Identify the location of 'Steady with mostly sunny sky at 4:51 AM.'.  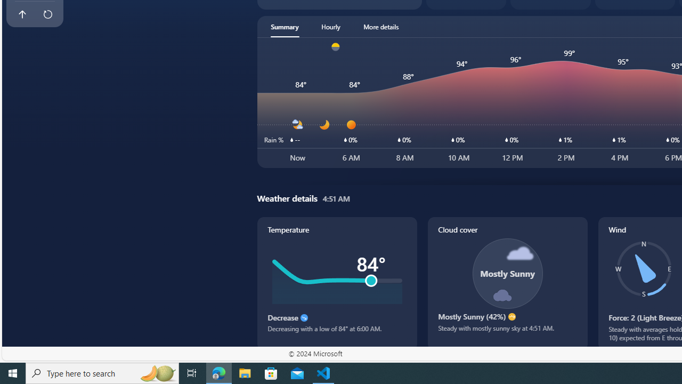
(507, 332).